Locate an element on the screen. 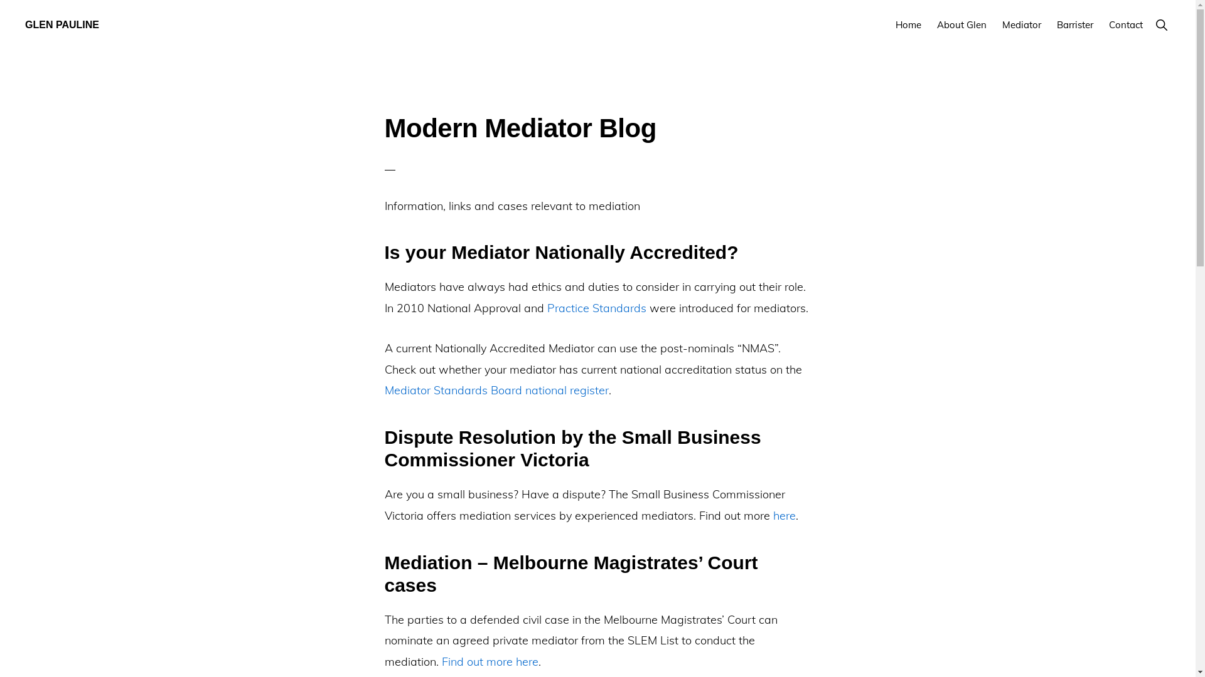 The image size is (1205, 677). 'Barrister' is located at coordinates (1074, 24).